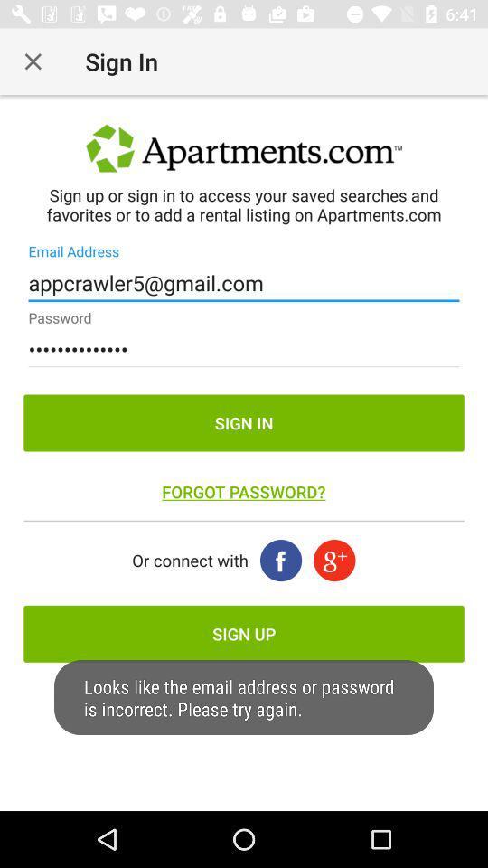  Describe the element at coordinates (281, 560) in the screenshot. I see `the facebook icon` at that location.